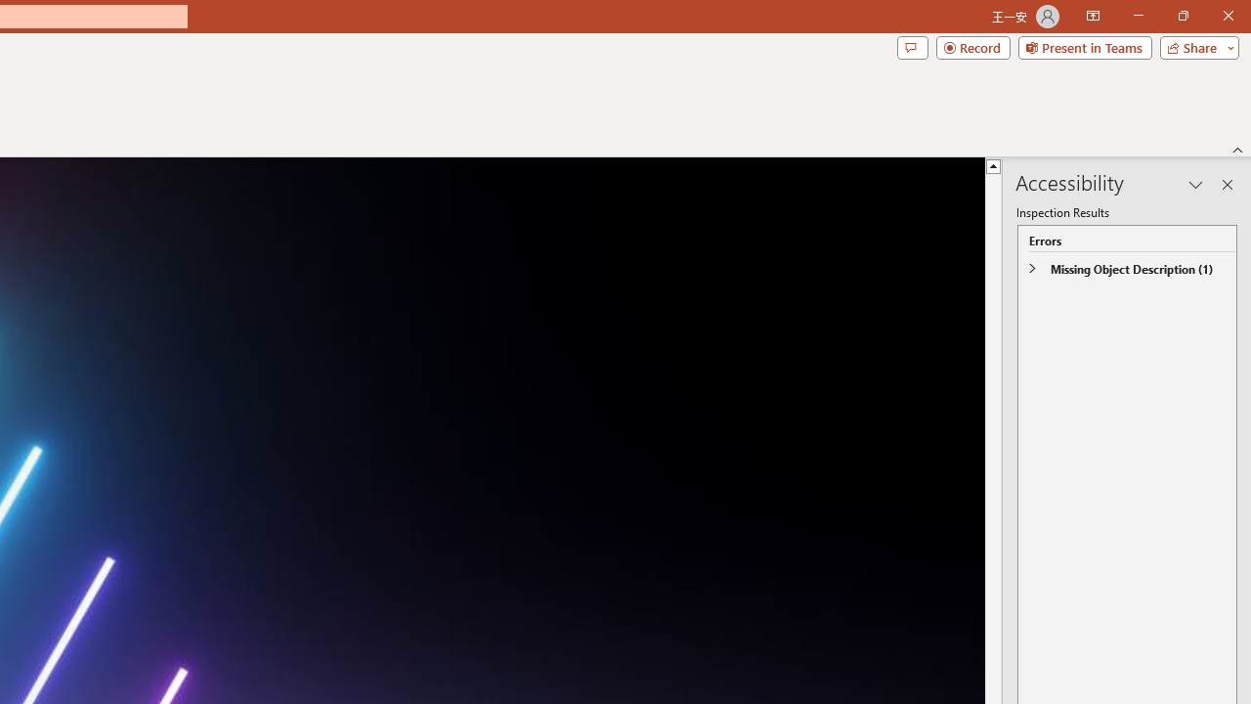 This screenshot has height=704, width=1251. Describe the element at coordinates (1084, 46) in the screenshot. I see `'Present in Teams'` at that location.